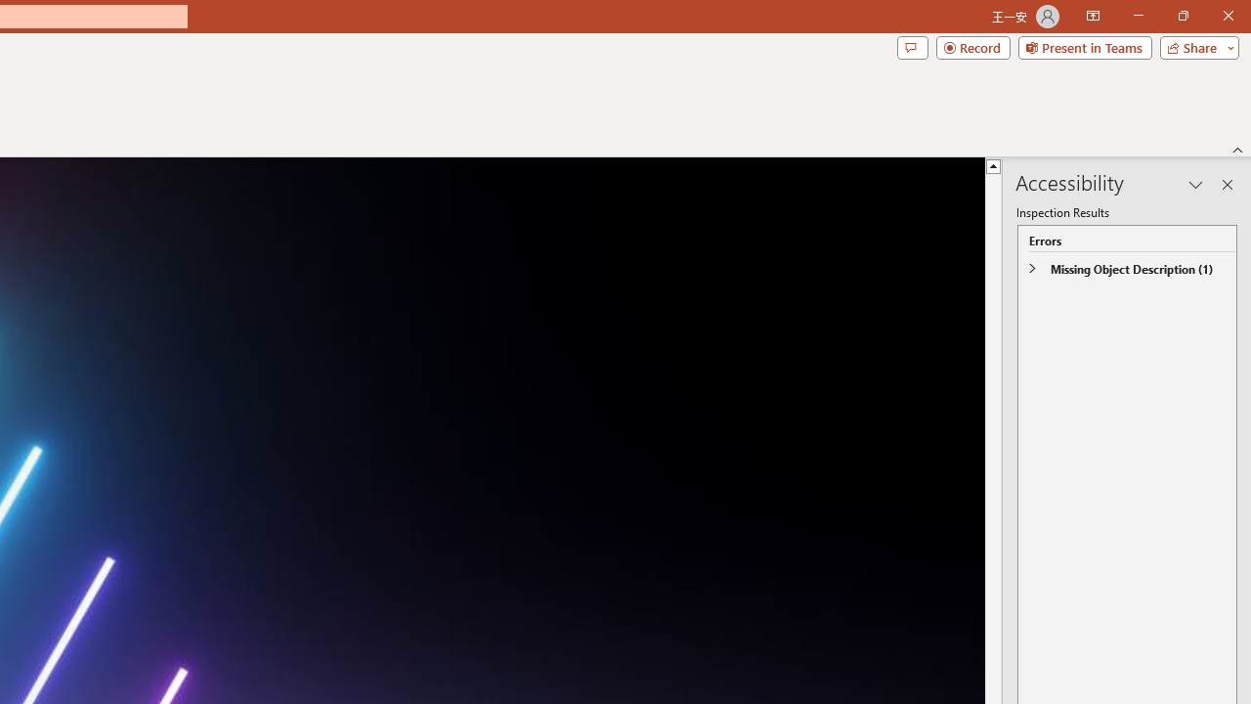 This screenshot has height=704, width=1251. Describe the element at coordinates (1084, 46) in the screenshot. I see `'Present in Teams'` at that location.